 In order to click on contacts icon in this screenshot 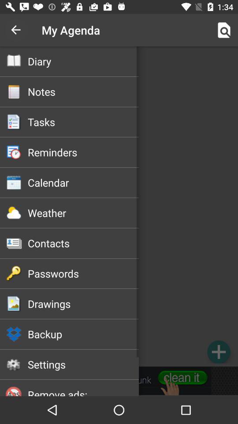, I will do `click(83, 243)`.